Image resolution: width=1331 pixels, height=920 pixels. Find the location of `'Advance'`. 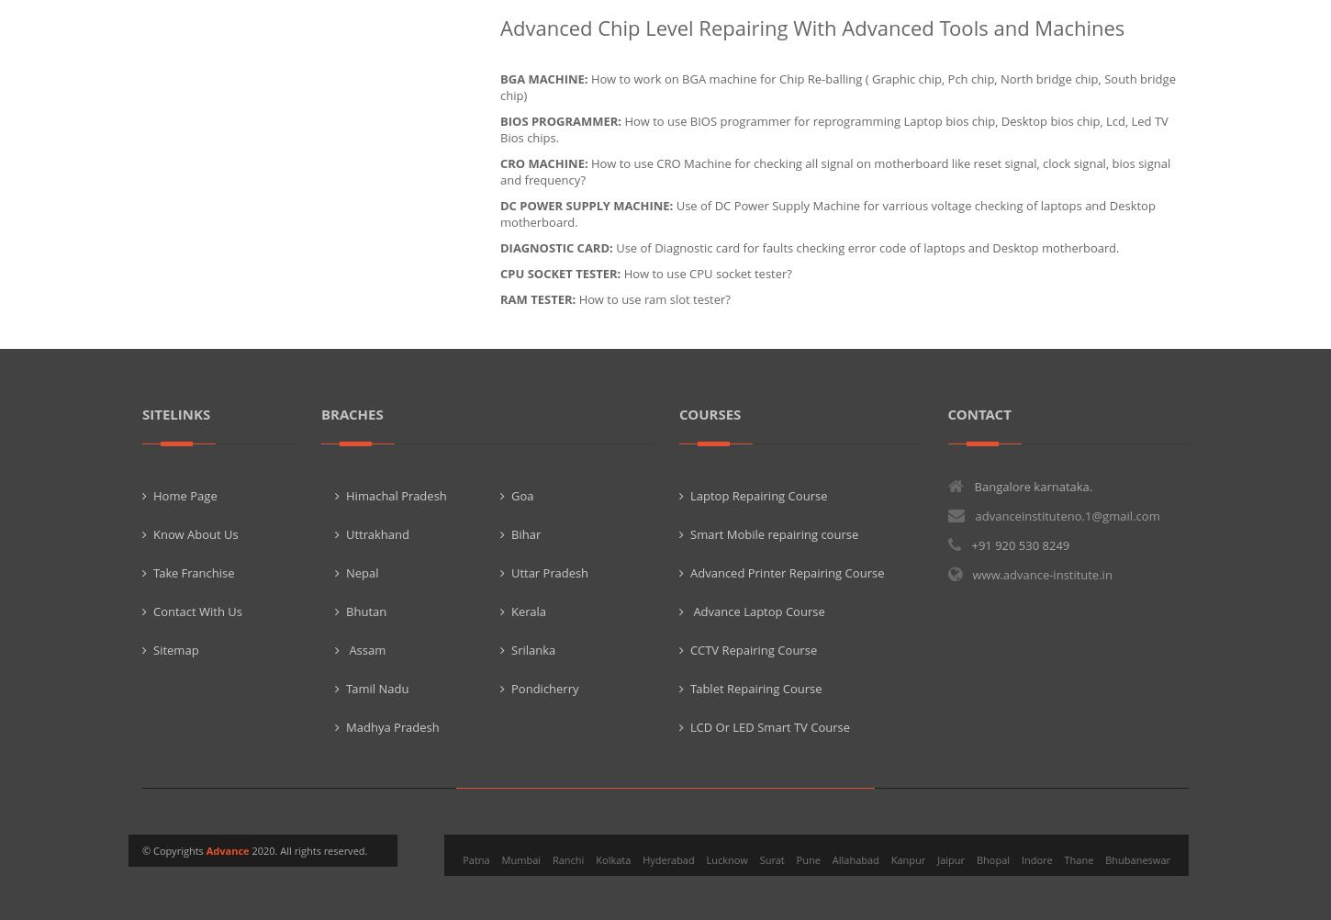

'Advance' is located at coordinates (227, 848).